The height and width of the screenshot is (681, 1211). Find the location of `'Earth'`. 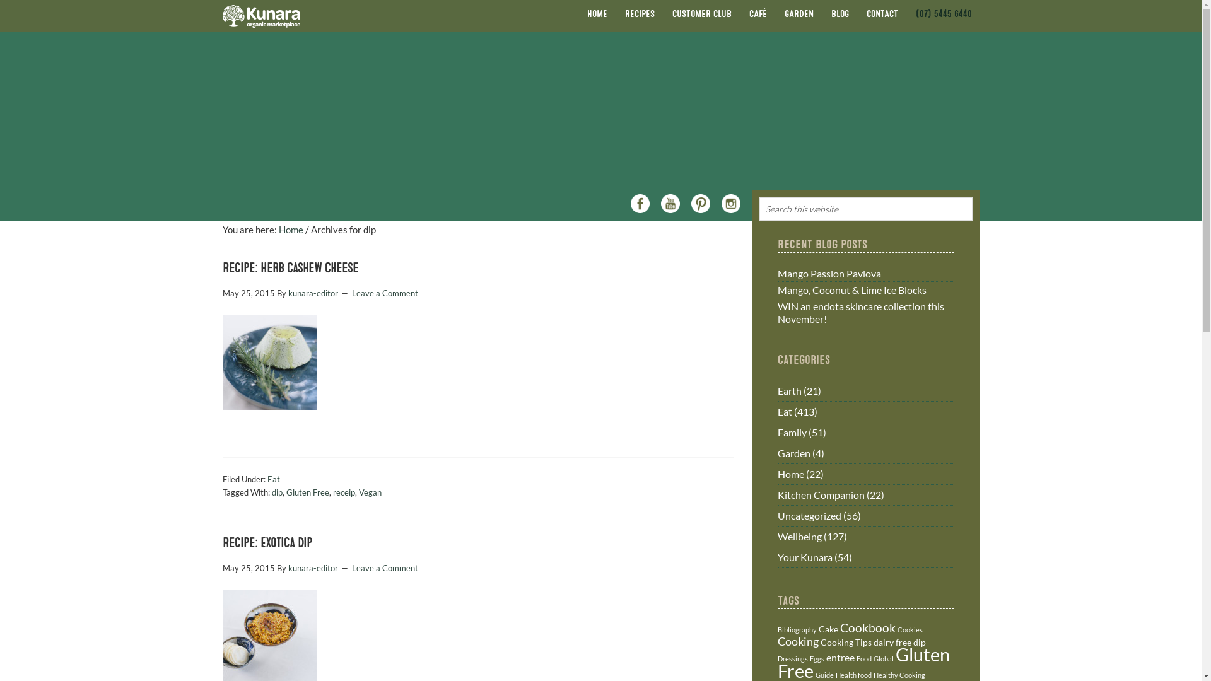

'Earth' is located at coordinates (788, 390).